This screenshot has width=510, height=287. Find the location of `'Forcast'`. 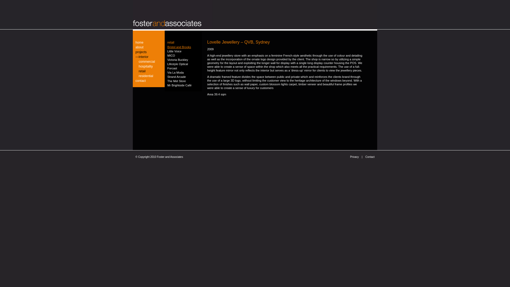

'Forcast' is located at coordinates (183, 68).